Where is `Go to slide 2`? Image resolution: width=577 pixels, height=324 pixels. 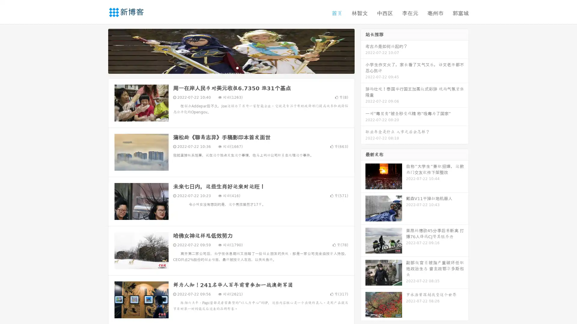 Go to slide 2 is located at coordinates (231, 67).